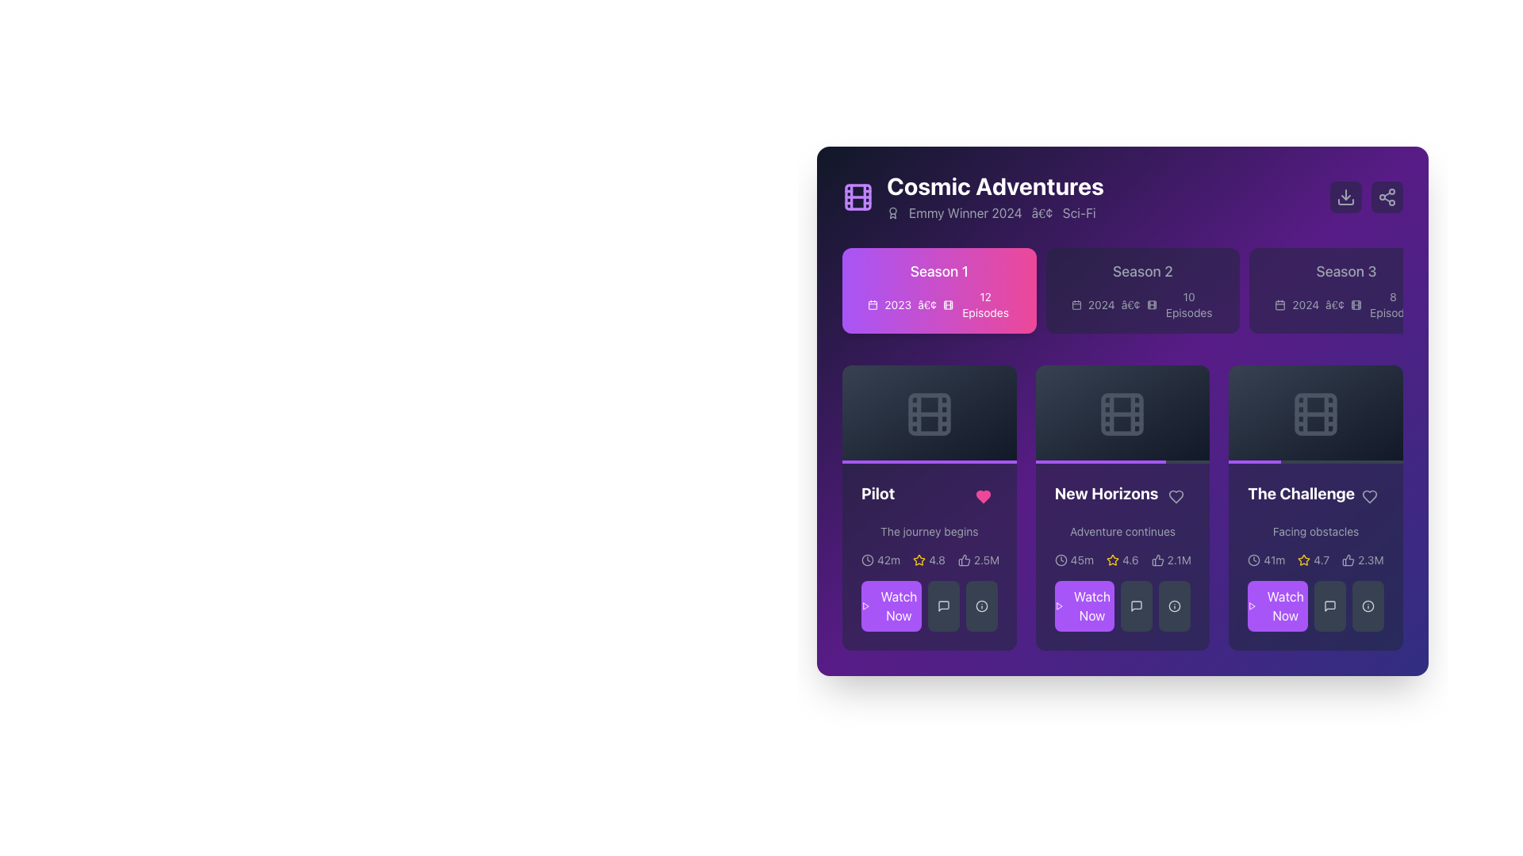 The height and width of the screenshot is (856, 1523). I want to click on the text label displaying '2.1M' in bold white font on a purple background, located in the second row of the interface within the New Horizons card, so click(1179, 559).